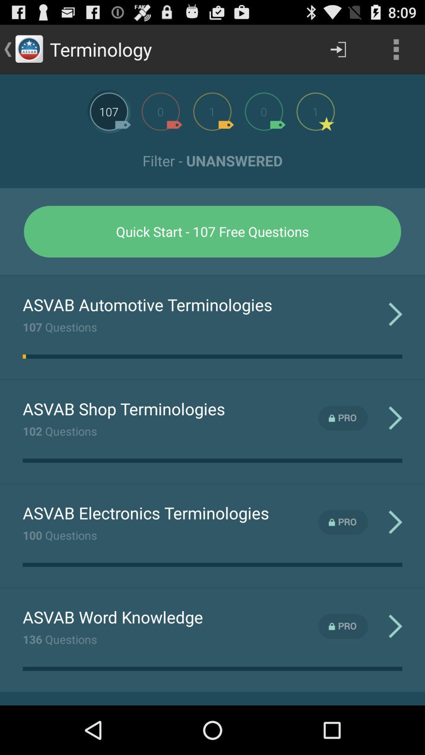  I want to click on icon below the filter - unanswered icon, so click(213, 231).